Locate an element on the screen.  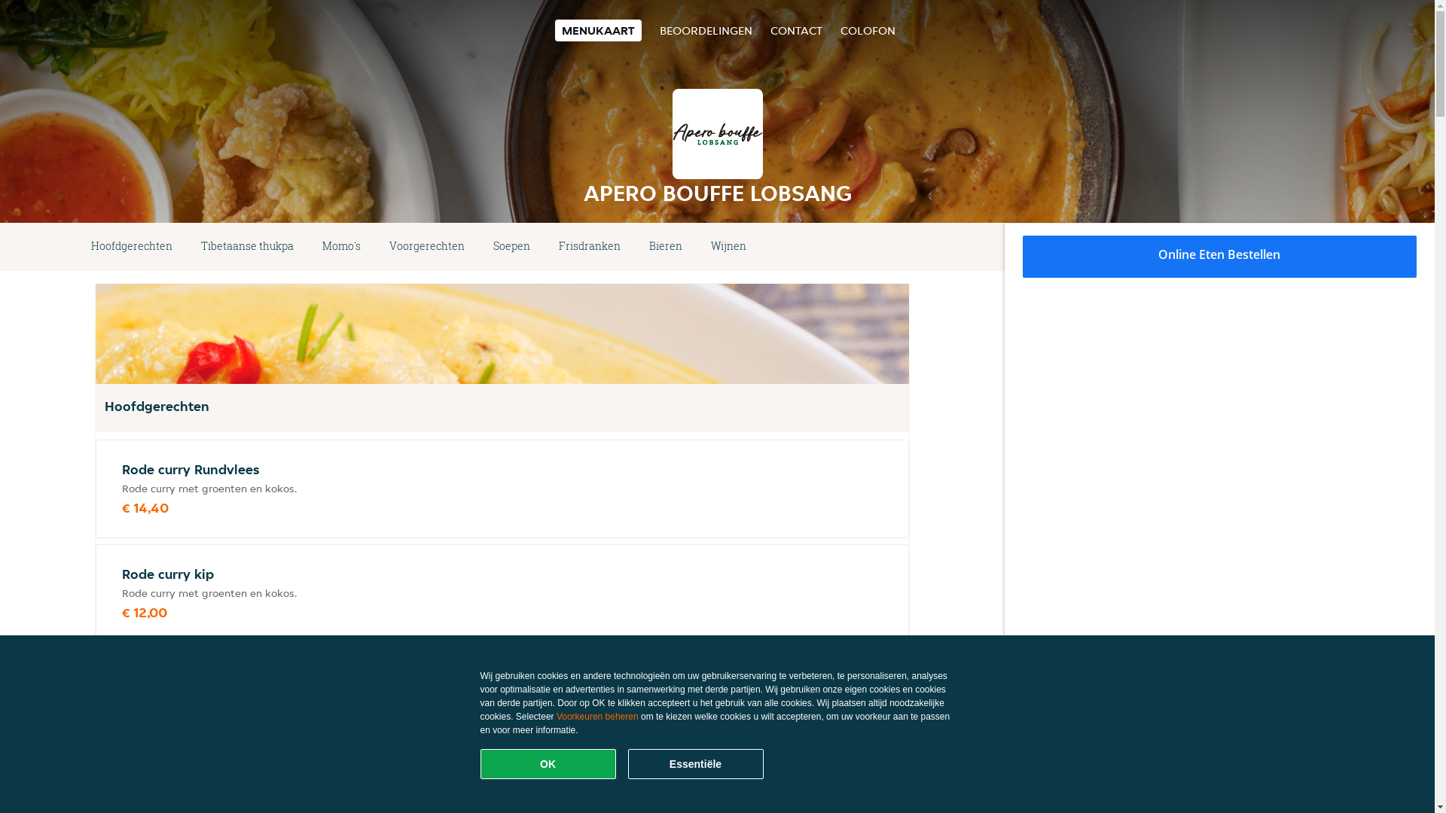
'OK' is located at coordinates (548, 763).